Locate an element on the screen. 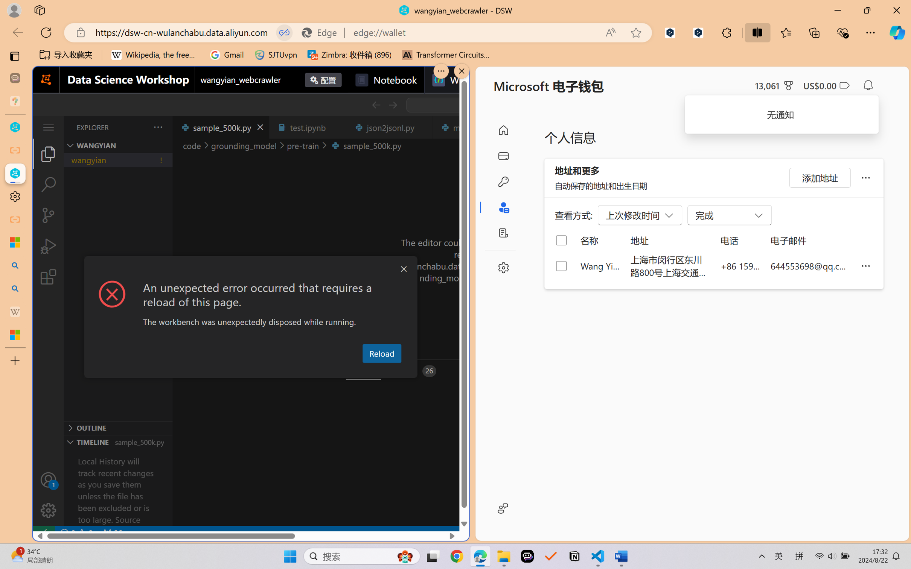 This screenshot has height=569, width=911. 'Gmail' is located at coordinates (226, 55).